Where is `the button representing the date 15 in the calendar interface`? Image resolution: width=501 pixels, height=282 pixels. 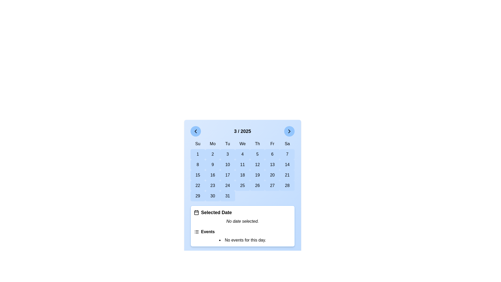
the button representing the date 15 in the calendar interface is located at coordinates (198, 175).